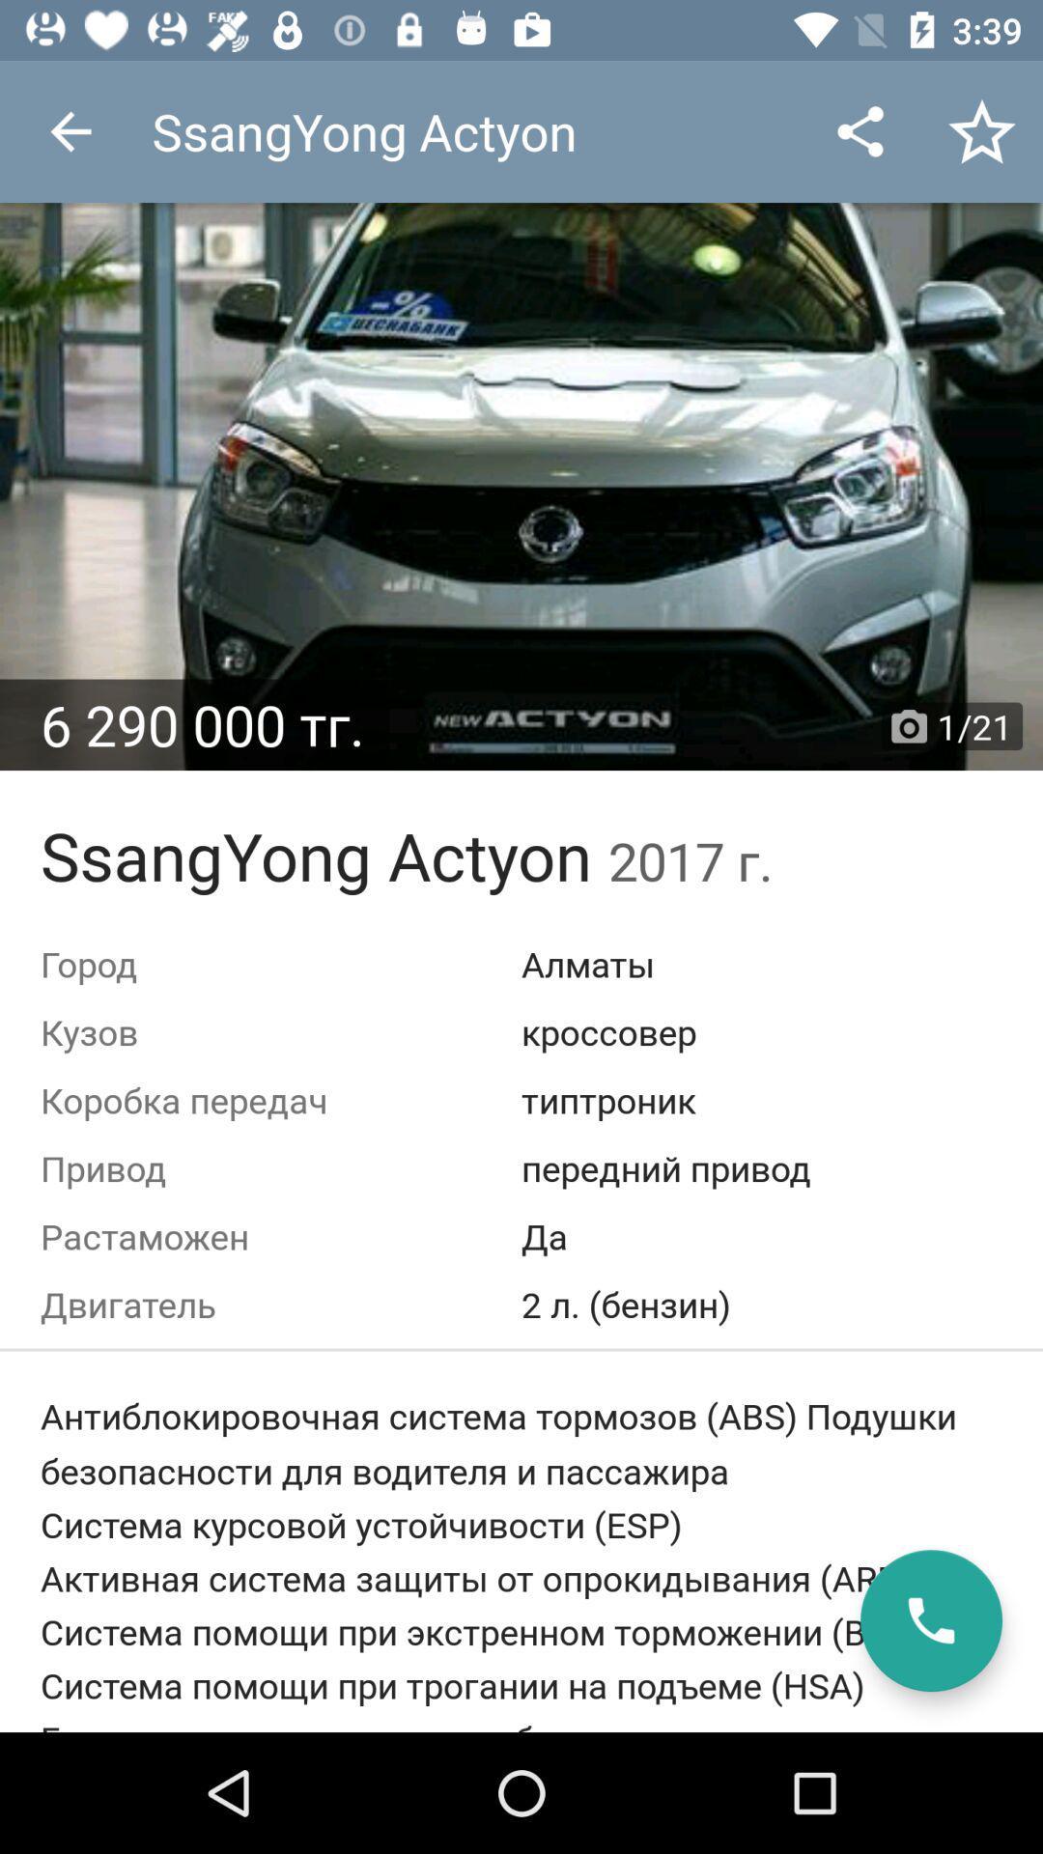 The image size is (1043, 1854). What do you see at coordinates (70, 130) in the screenshot?
I see `the item next to the ssangyong actyon` at bounding box center [70, 130].